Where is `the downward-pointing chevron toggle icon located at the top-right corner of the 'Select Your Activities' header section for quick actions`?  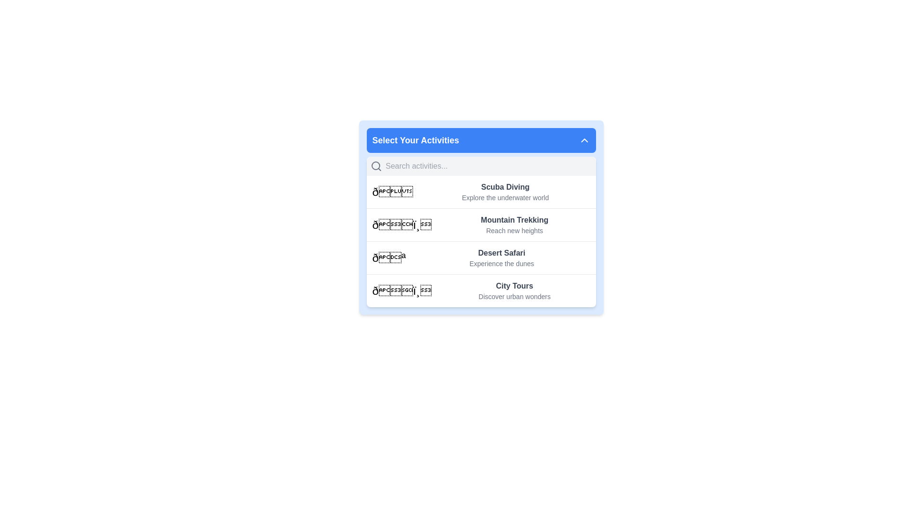 the downward-pointing chevron toggle icon located at the top-right corner of the 'Select Your Activities' header section for quick actions is located at coordinates (584, 140).